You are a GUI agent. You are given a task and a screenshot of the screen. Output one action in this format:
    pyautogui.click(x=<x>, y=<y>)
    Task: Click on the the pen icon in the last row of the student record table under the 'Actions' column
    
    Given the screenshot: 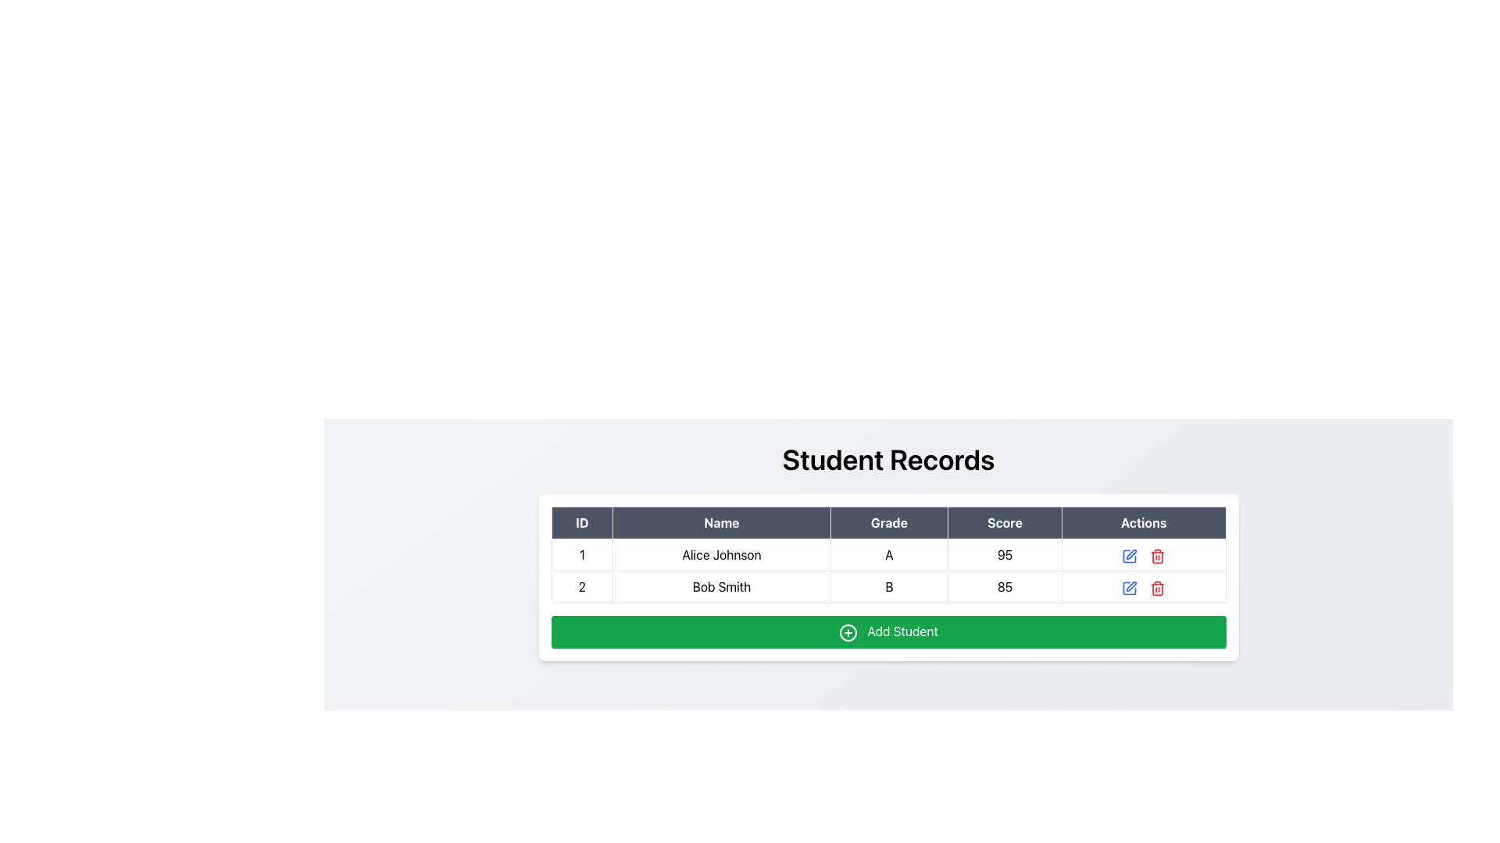 What is the action you would take?
    pyautogui.click(x=1131, y=586)
    